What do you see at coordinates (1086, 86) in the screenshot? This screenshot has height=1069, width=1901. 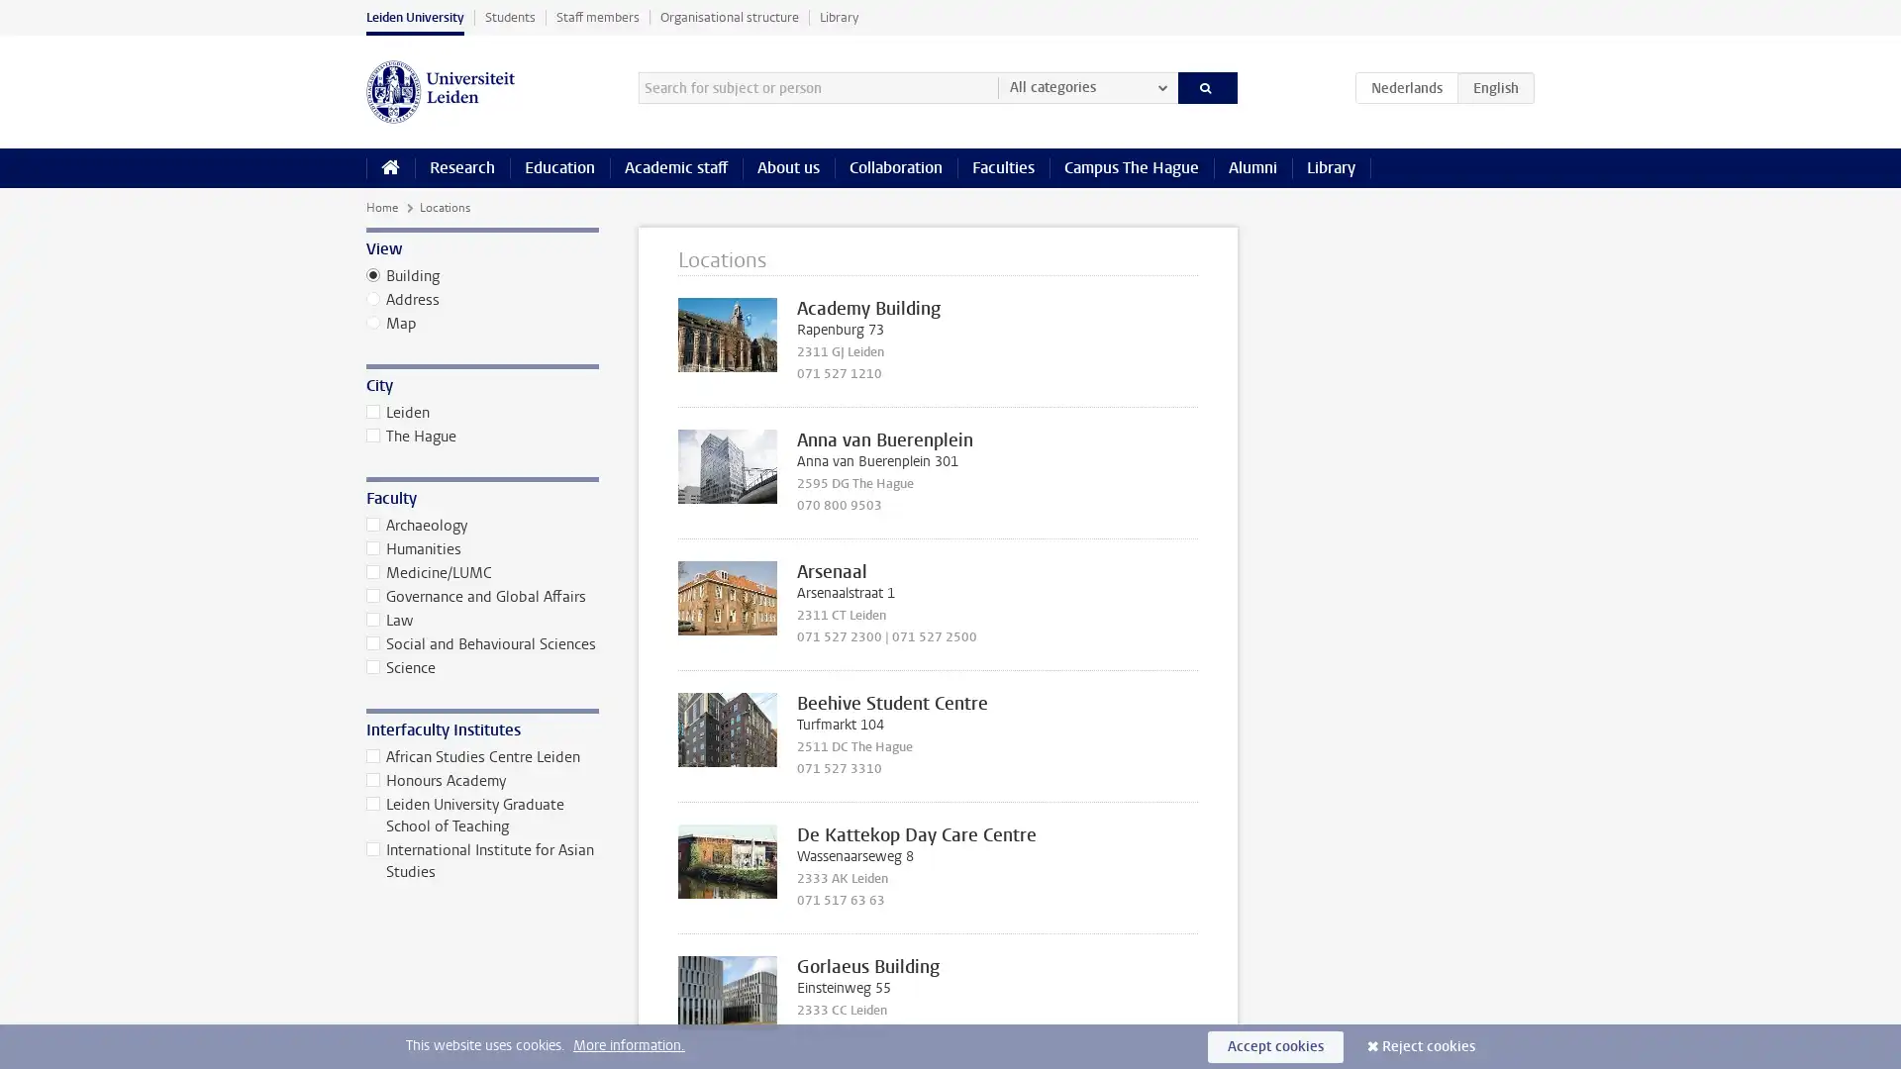 I see `All categories` at bounding box center [1086, 86].